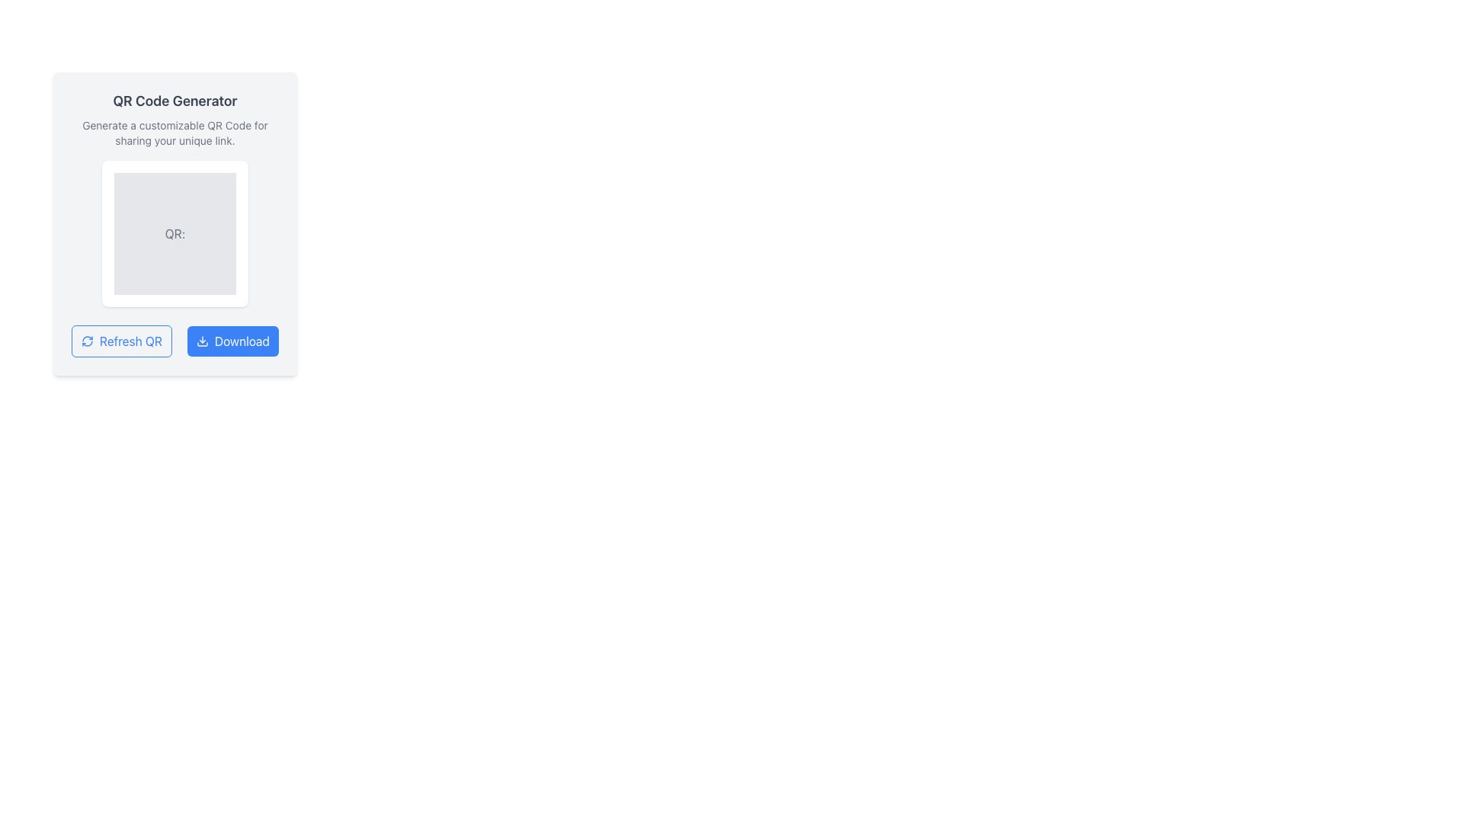 This screenshot has height=823, width=1463. Describe the element at coordinates (175, 132) in the screenshot. I see `the text label that provides instructions for customizing and sharing a QR code, located below the 'QR Code Generator' heading` at that location.